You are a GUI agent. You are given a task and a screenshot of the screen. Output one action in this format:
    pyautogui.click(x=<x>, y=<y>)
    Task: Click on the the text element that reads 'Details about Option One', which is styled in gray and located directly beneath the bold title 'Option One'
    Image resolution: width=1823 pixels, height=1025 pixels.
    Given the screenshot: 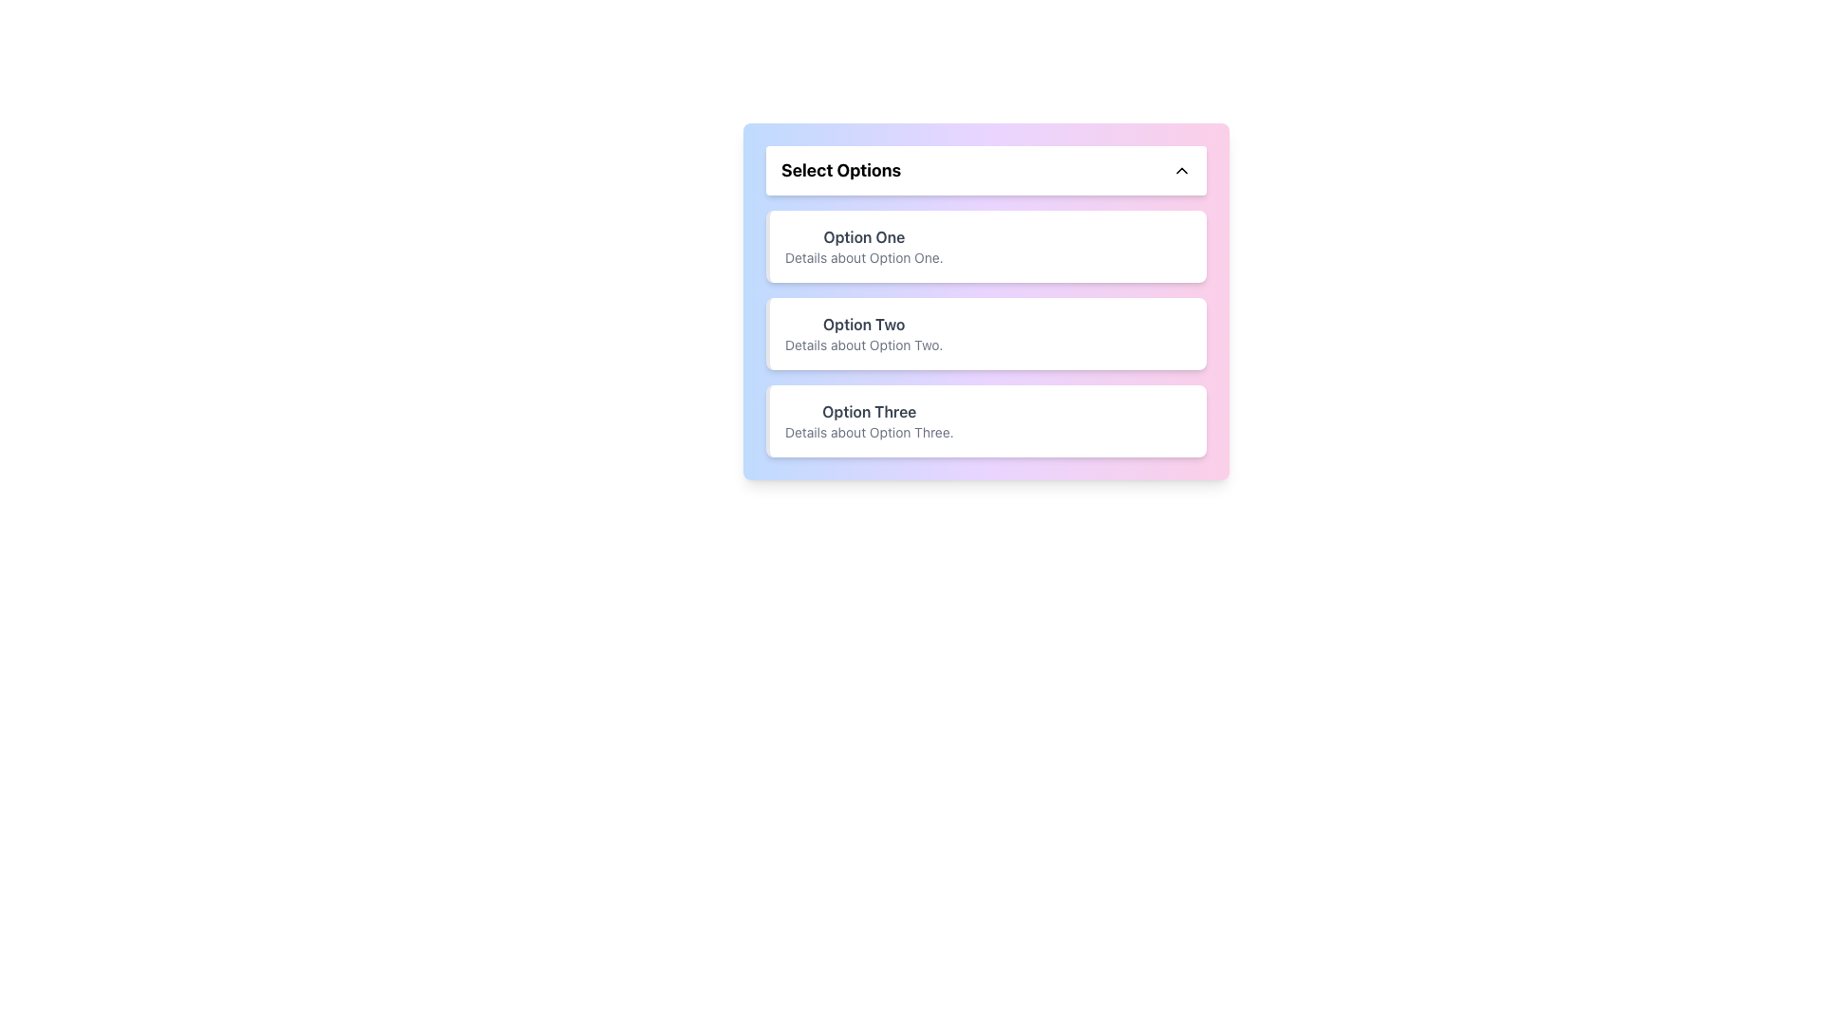 What is the action you would take?
    pyautogui.click(x=863, y=258)
    